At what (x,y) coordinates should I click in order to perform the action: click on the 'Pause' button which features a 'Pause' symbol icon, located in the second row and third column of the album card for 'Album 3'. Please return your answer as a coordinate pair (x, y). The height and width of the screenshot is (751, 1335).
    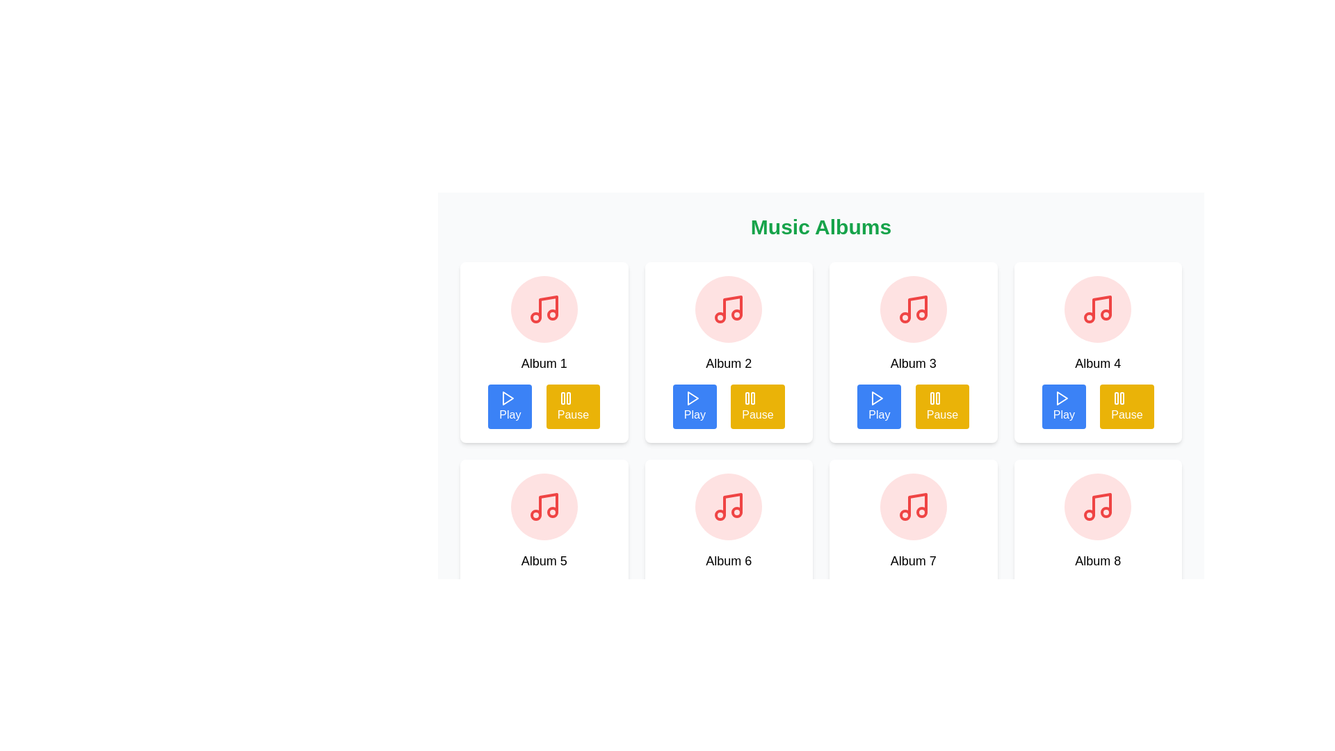
    Looking at the image, I should click on (934, 398).